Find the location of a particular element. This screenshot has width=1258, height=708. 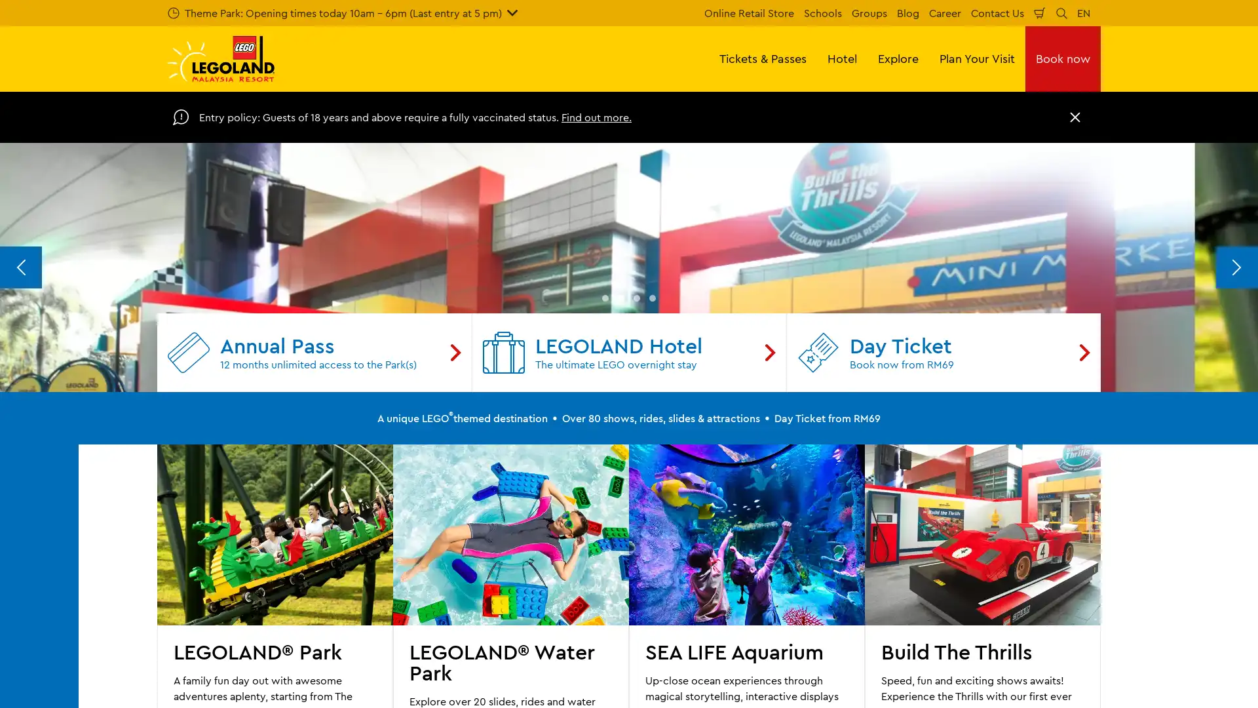

EN Languages is located at coordinates (1084, 12).